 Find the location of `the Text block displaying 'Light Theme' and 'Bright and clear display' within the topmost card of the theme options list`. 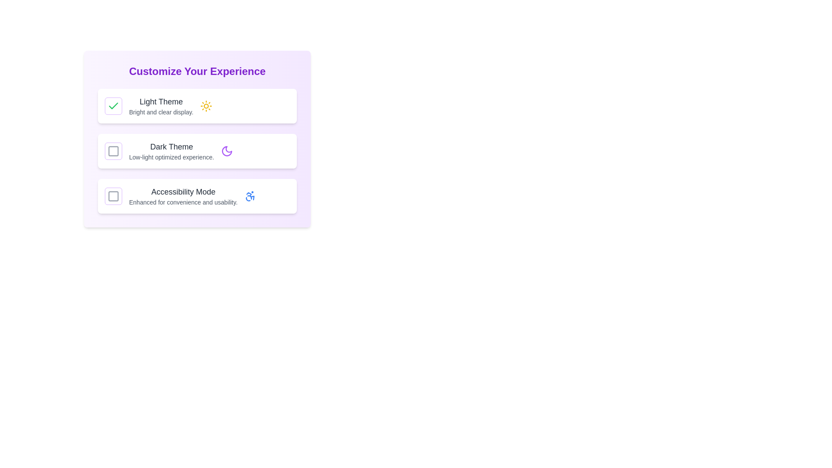

the Text block displaying 'Light Theme' and 'Bright and clear display' within the topmost card of the theme options list is located at coordinates (161, 106).